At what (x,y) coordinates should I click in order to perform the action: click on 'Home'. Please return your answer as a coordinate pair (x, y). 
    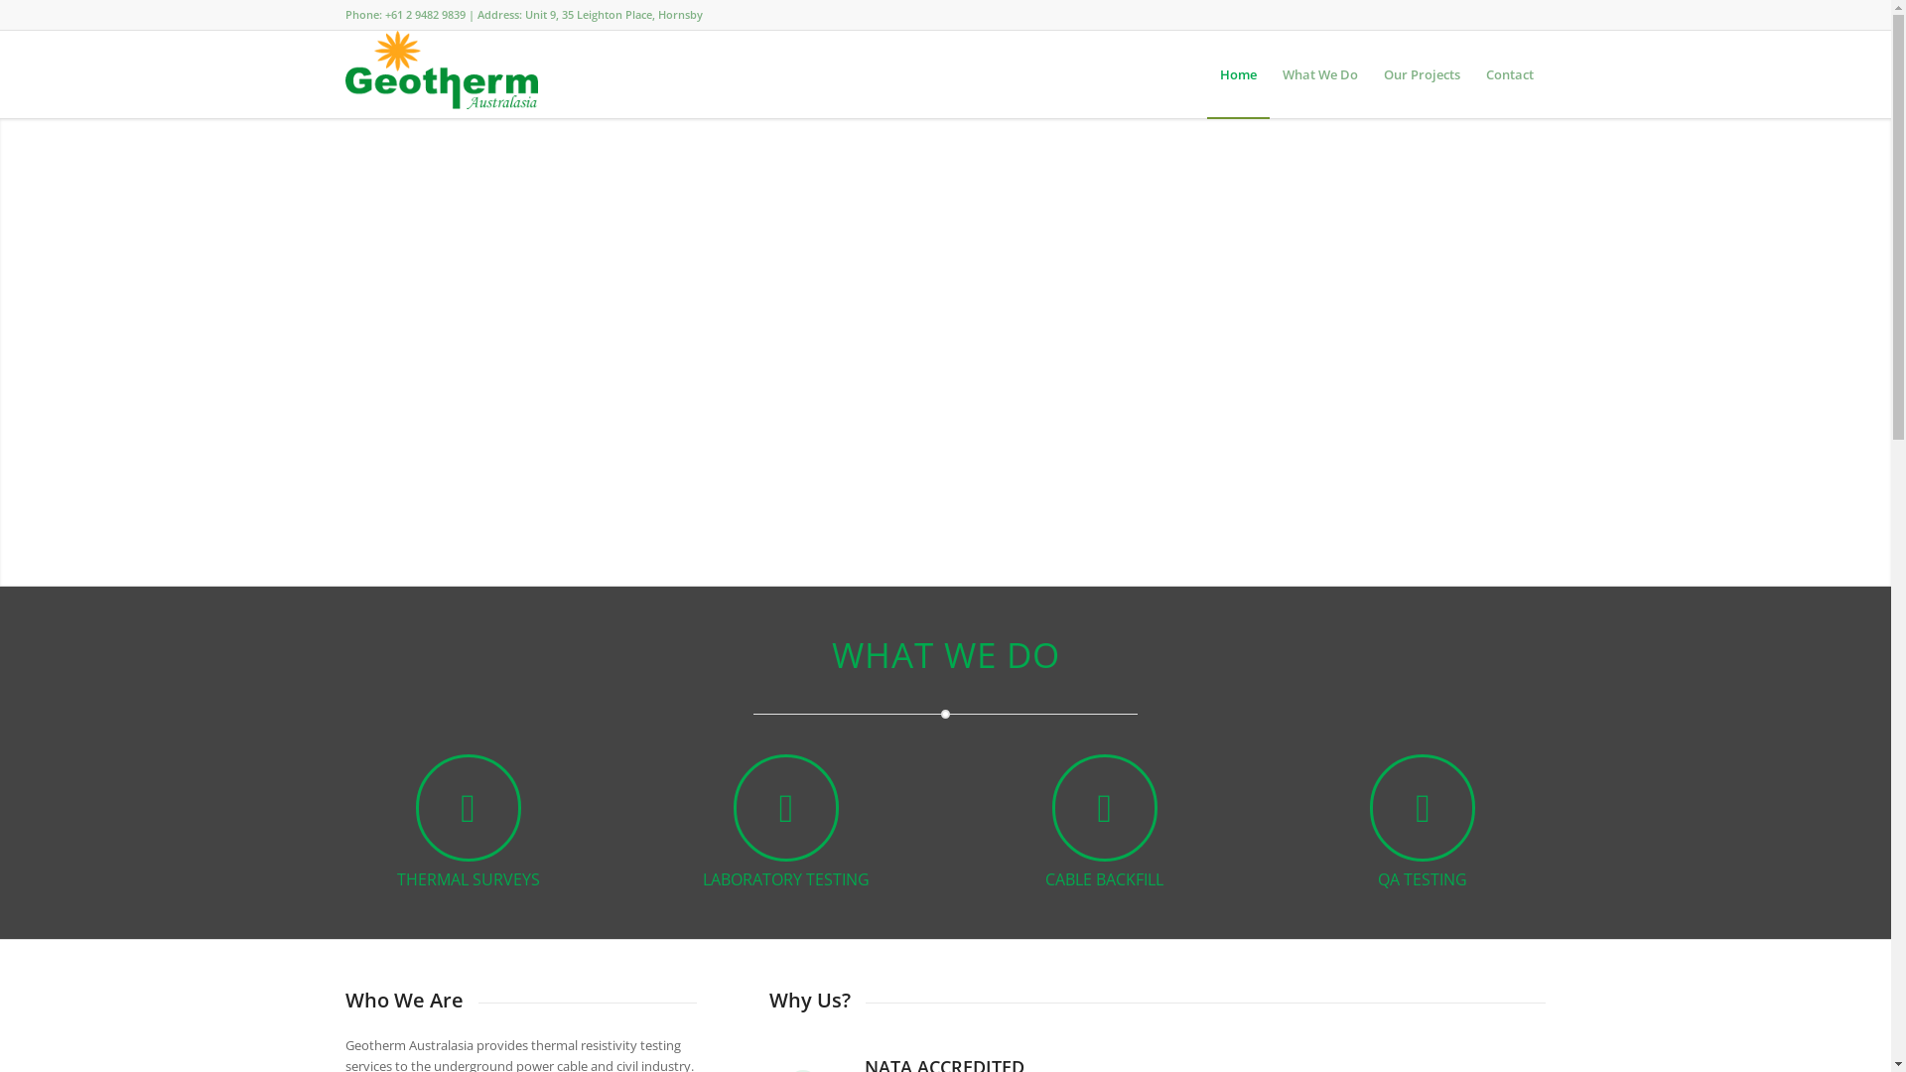
    Looking at the image, I should click on (1237, 72).